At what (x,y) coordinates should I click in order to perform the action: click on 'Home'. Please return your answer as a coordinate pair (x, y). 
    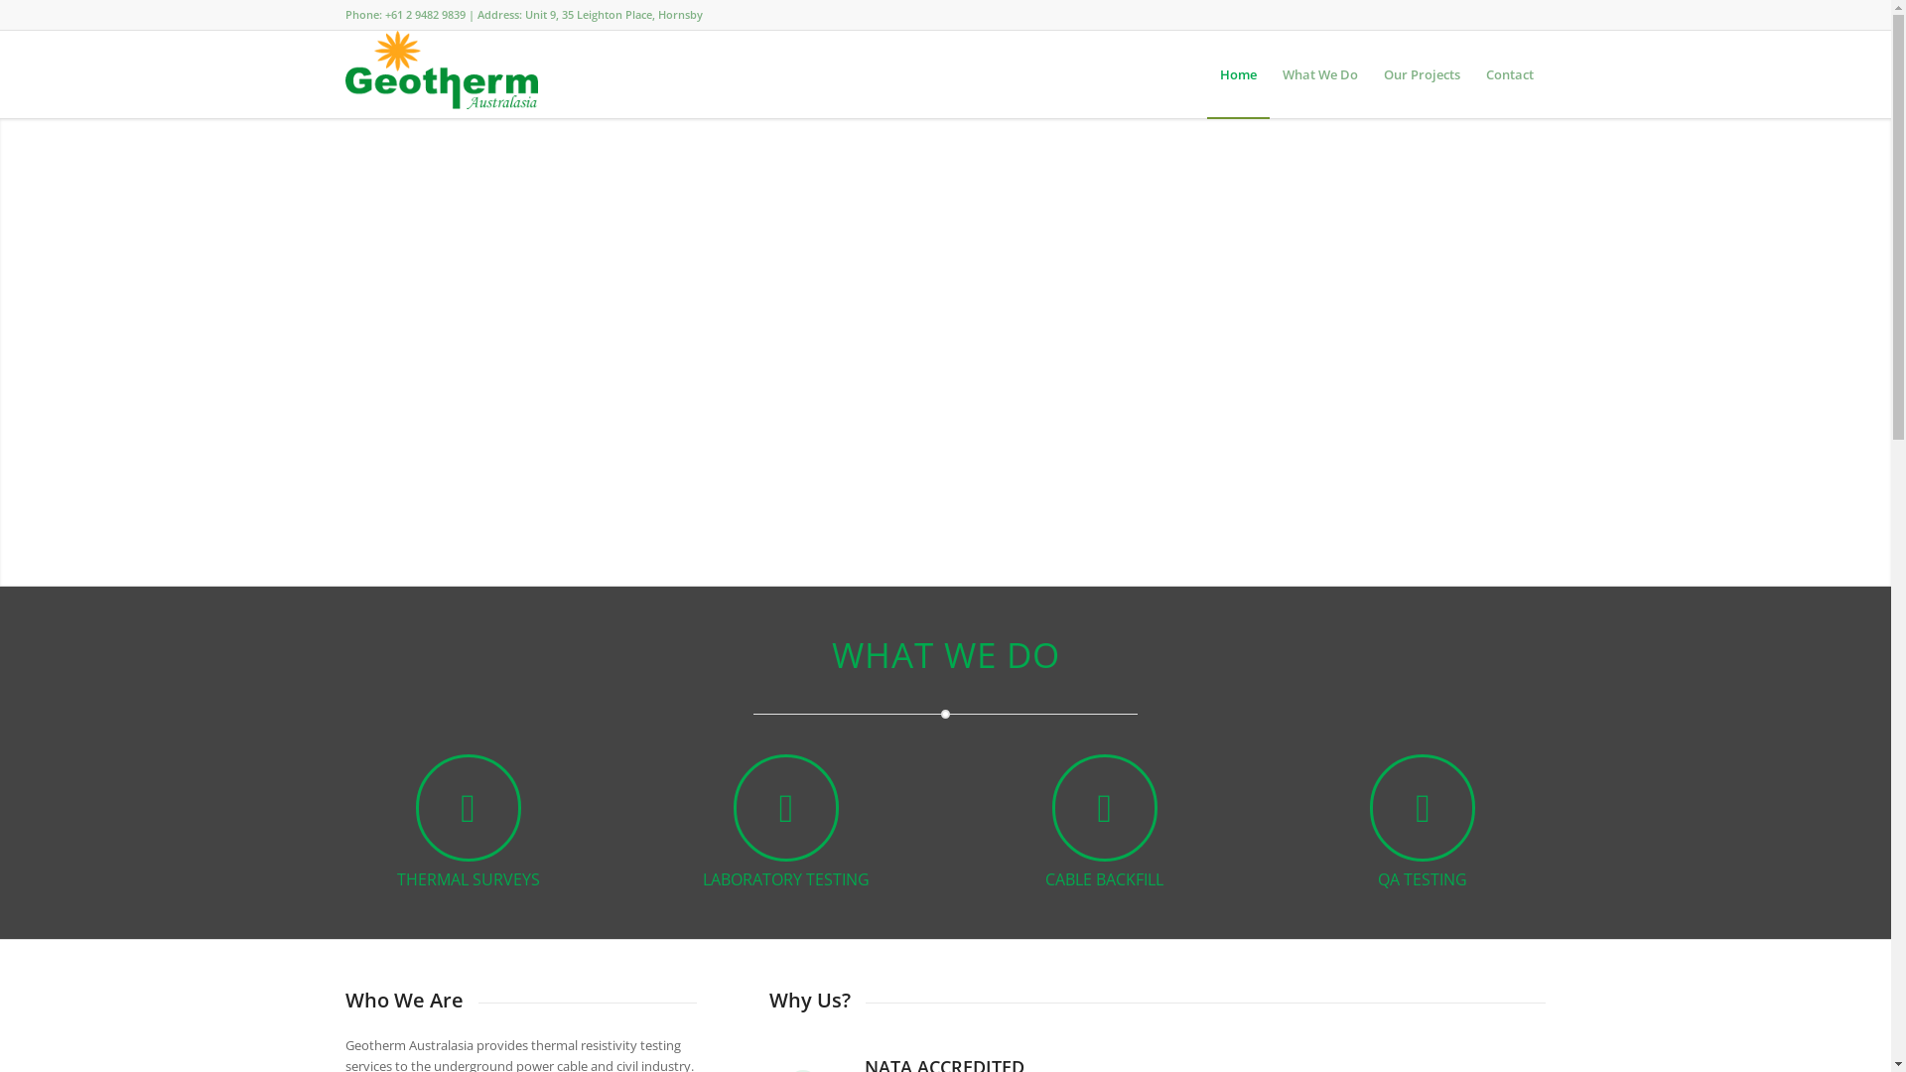
    Looking at the image, I should click on (1237, 72).